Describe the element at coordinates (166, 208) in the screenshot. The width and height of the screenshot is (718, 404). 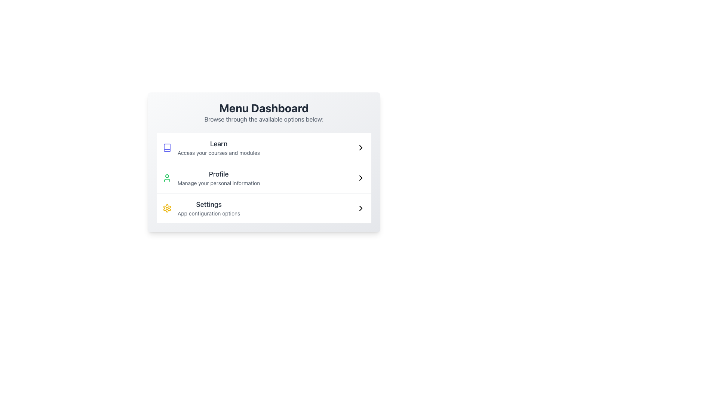
I see `the outer structure of the yellow gear icon representing settings in the menu card, located to the left of the Settings text label` at that location.